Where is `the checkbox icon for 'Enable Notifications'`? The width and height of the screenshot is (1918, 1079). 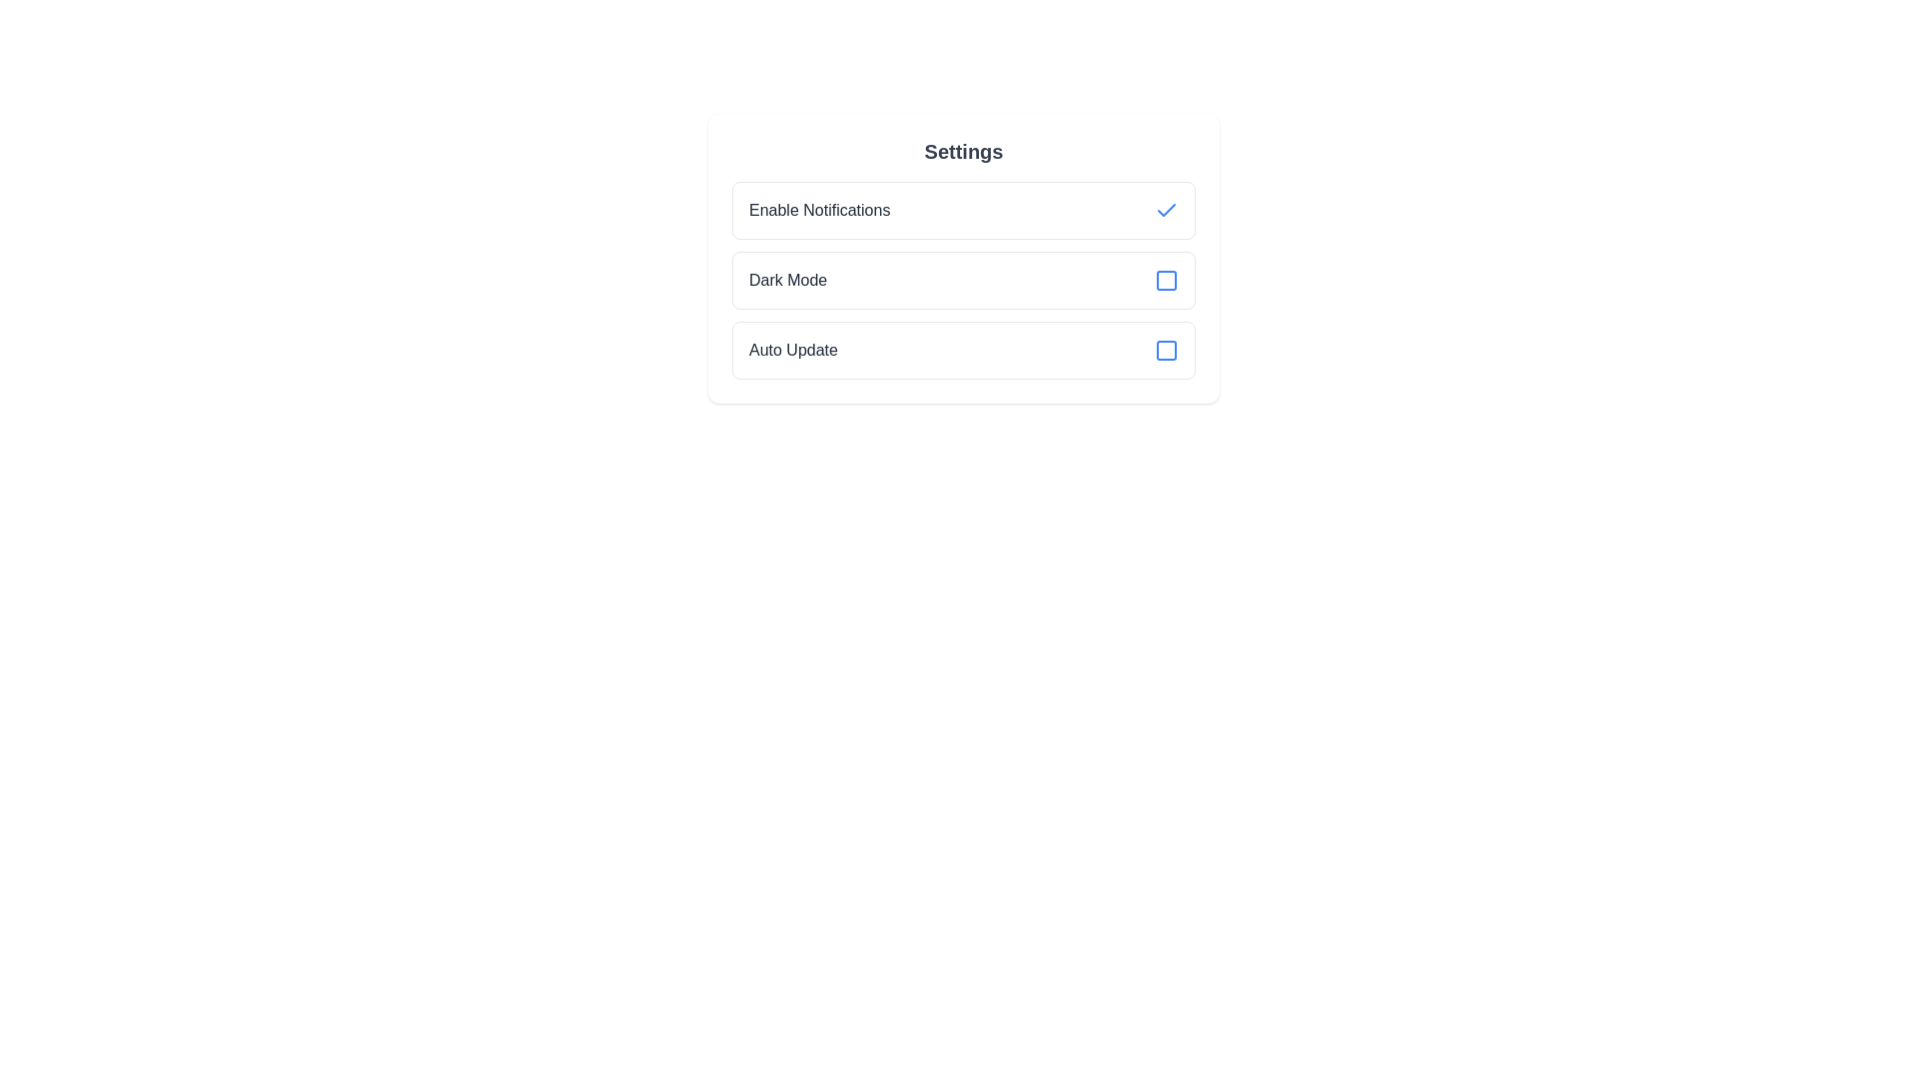 the checkbox icon for 'Enable Notifications' is located at coordinates (1166, 211).